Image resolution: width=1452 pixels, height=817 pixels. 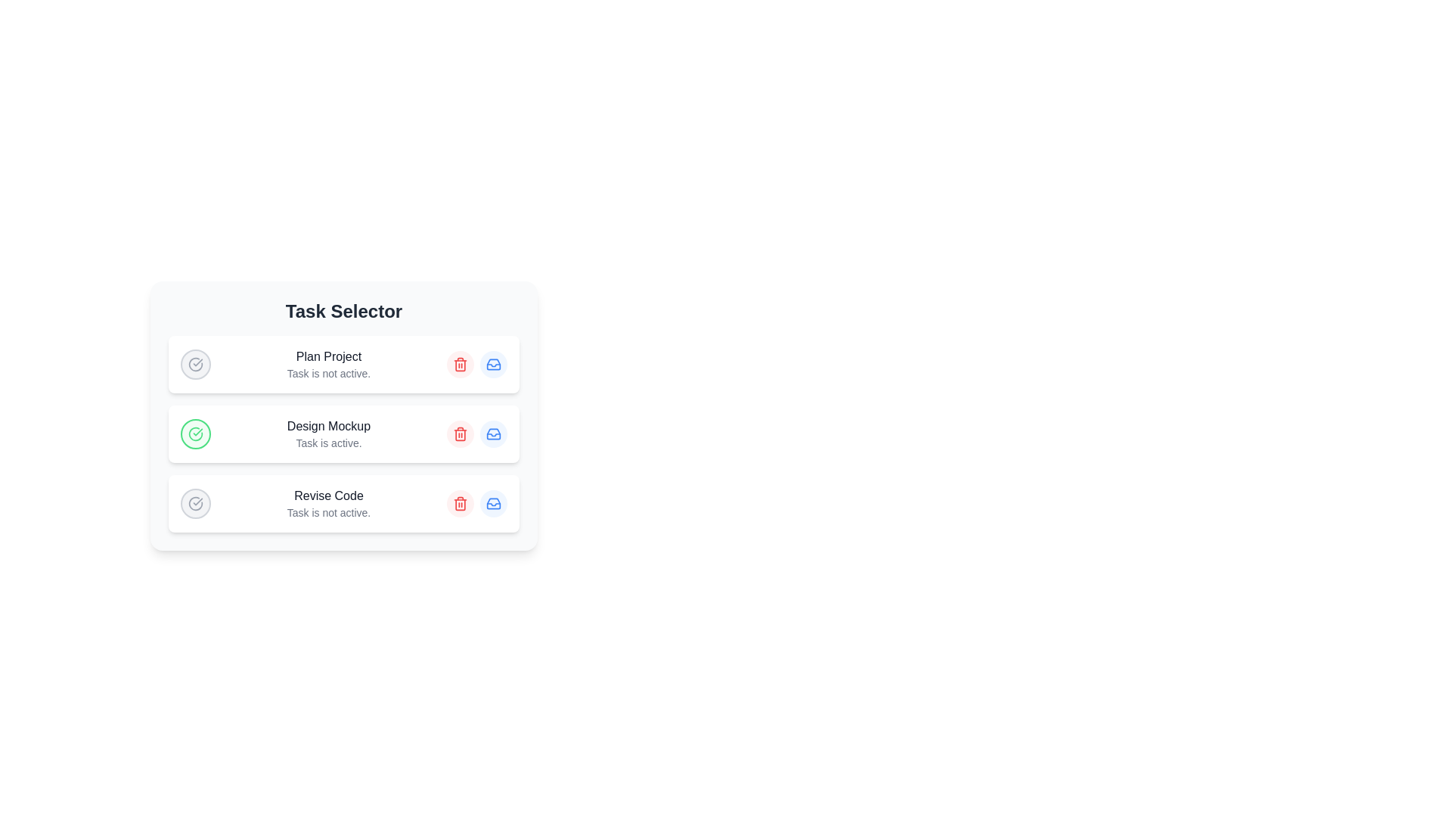 What do you see at coordinates (328, 373) in the screenshot?
I see `the static text label displaying 'Task is not active.' which is located beneath the title 'Plan Project' in the uppermost task card` at bounding box center [328, 373].